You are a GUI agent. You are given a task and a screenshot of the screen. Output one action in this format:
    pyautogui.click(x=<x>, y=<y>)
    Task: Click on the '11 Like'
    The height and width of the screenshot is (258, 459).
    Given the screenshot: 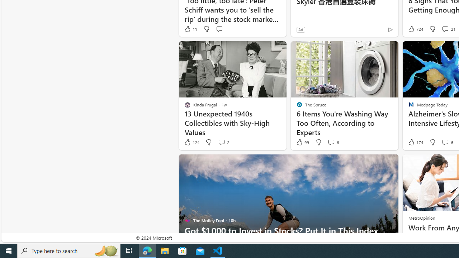 What is the action you would take?
    pyautogui.click(x=190, y=29)
    